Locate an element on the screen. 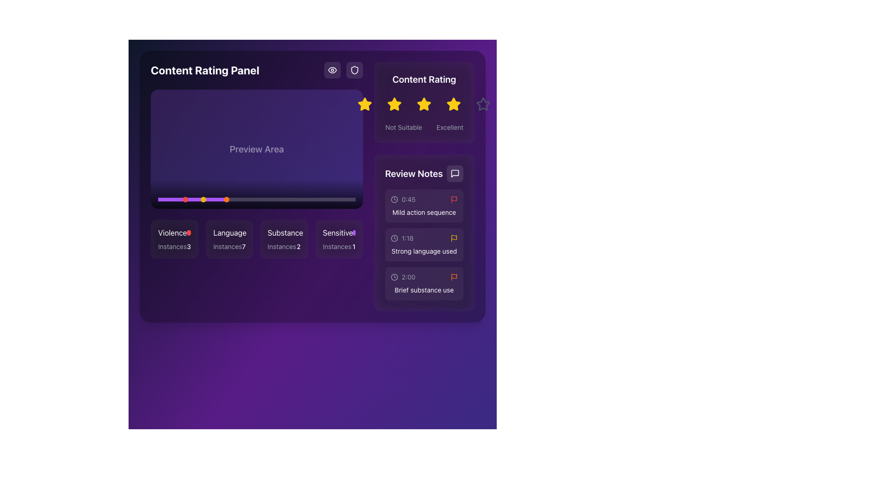 The width and height of the screenshot is (888, 499). the message bubble icon in the Review Notes section, located in the top-right corner of the panel, adjacent to timestamps and descriptions is located at coordinates (455, 173).